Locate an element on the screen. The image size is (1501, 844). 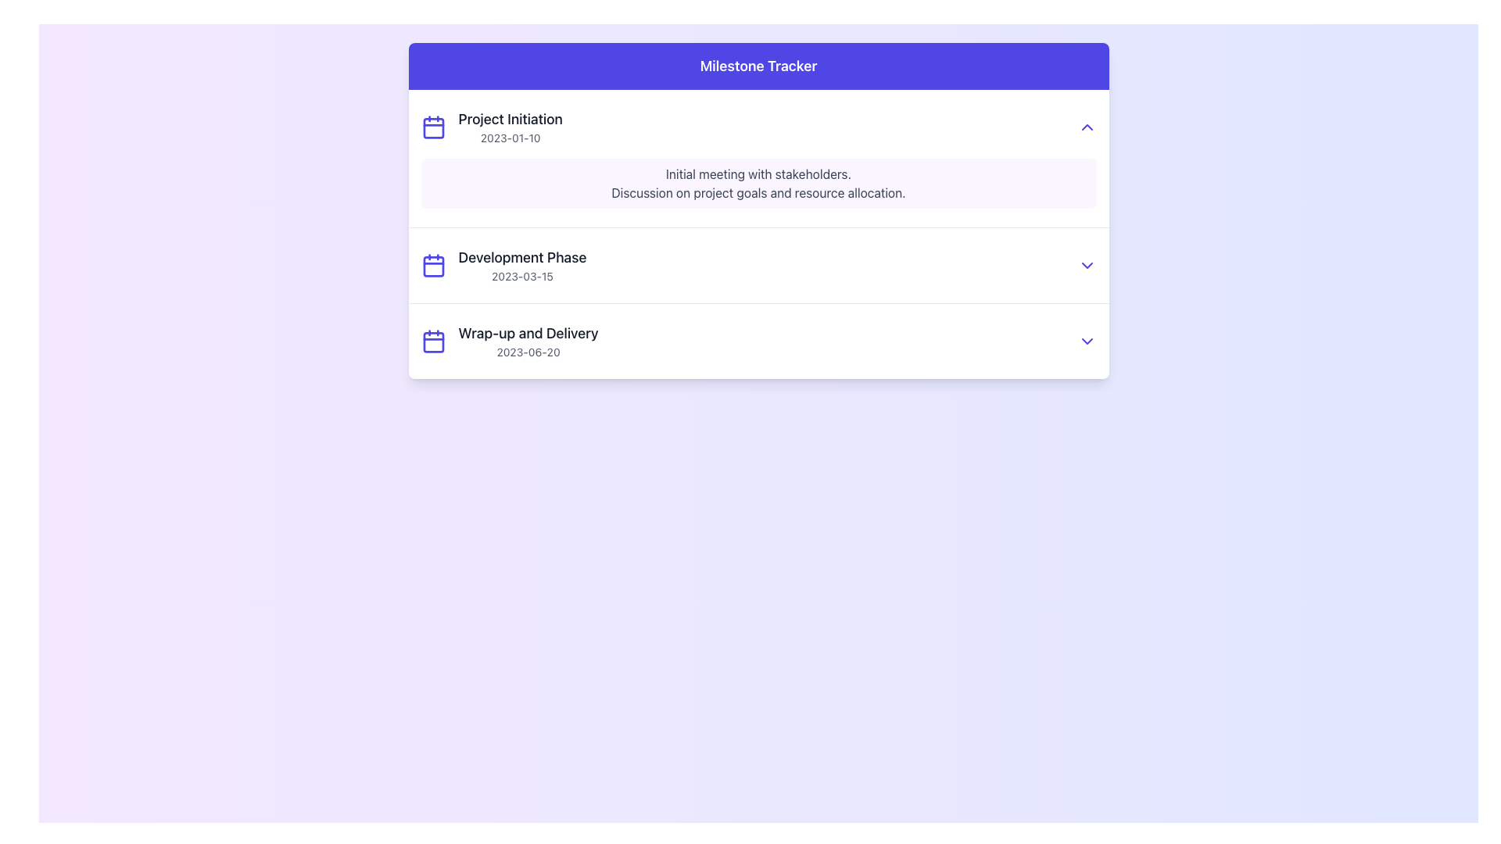
the milestone entry labeled 'Development Phase' with the date '2023-03-15' is located at coordinates (758, 264).